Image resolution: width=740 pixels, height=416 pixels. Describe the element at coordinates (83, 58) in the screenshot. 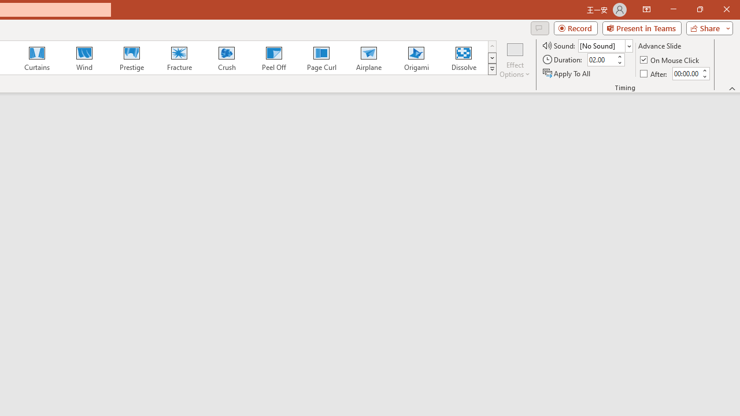

I see `'Wind'` at that location.